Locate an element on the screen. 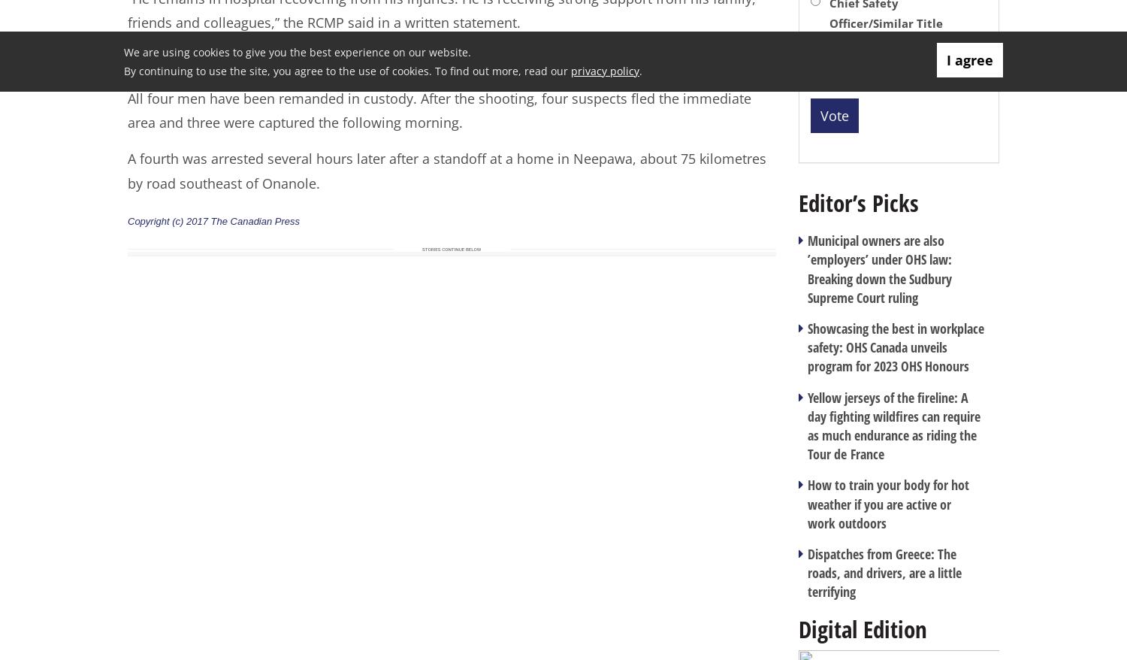  'All four men have been remanded in custody. After the shooting, four suspects fled the immediate area and three were captured the following morning.' is located at coordinates (127, 110).